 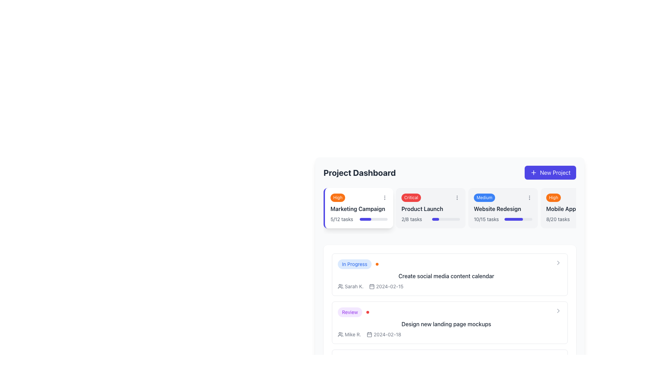 What do you see at coordinates (359, 219) in the screenshot?
I see `the Progress indicator with text located in the 'Marketing Campaign' card block` at bounding box center [359, 219].